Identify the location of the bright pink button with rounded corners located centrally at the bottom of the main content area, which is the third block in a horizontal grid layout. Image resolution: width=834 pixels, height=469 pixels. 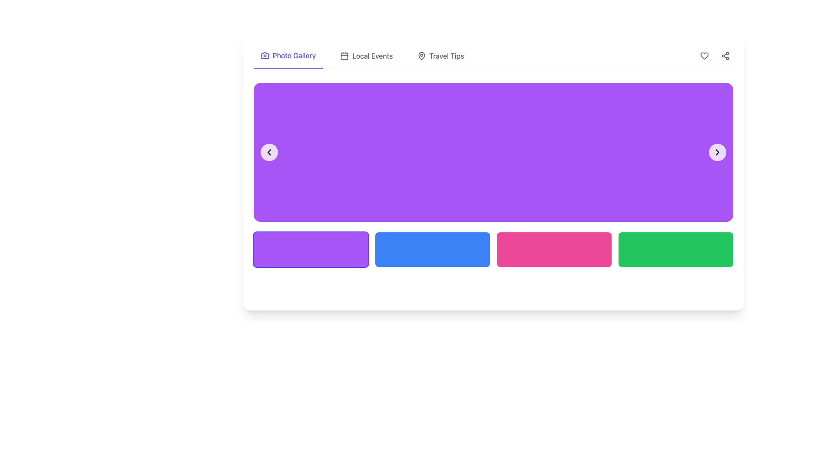
(553, 249).